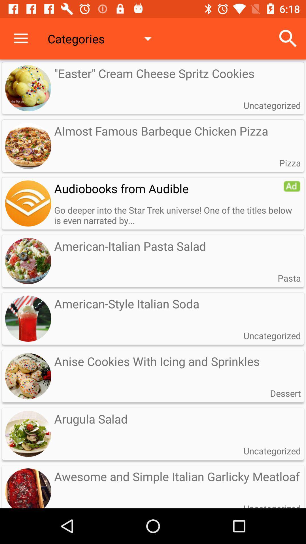  What do you see at coordinates (292, 186) in the screenshot?
I see `click advertisement` at bounding box center [292, 186].